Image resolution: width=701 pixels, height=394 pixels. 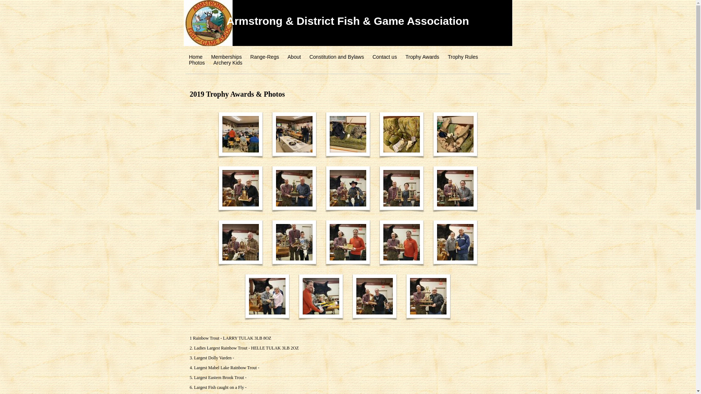 What do you see at coordinates (227, 62) in the screenshot?
I see `'Archery Kids'` at bounding box center [227, 62].